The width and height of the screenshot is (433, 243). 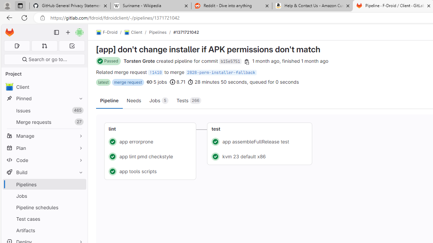 What do you see at coordinates (44, 46) in the screenshot?
I see `'Merge requests 0'` at bounding box center [44, 46].